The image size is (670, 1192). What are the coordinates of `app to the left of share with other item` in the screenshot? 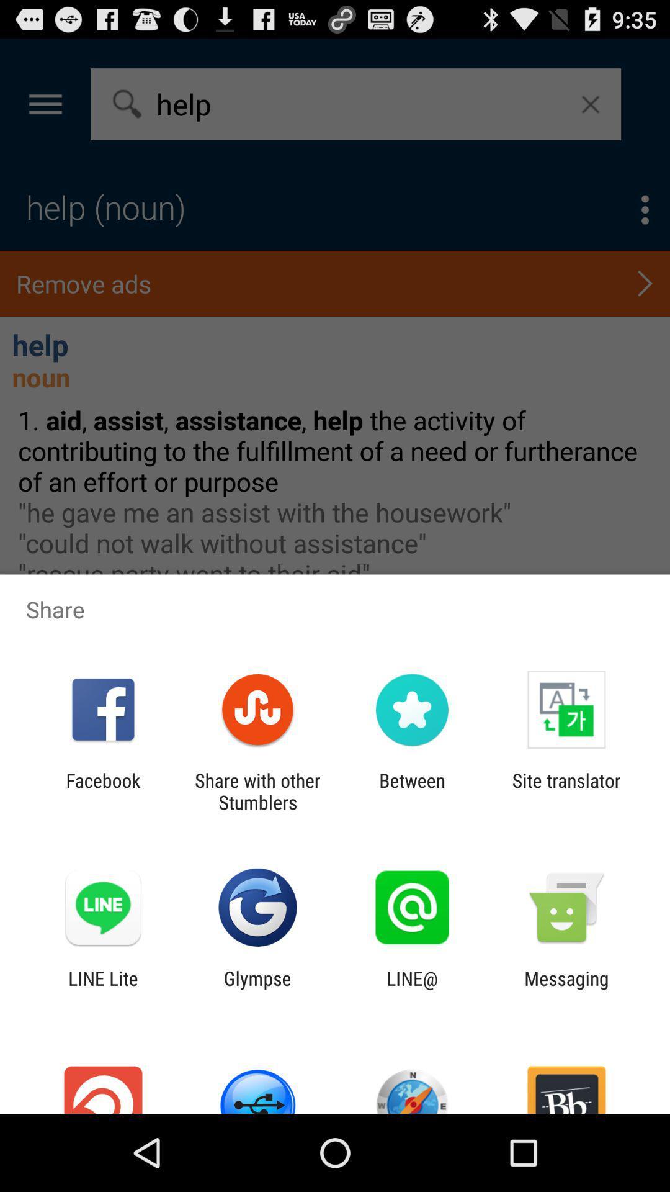 It's located at (102, 791).